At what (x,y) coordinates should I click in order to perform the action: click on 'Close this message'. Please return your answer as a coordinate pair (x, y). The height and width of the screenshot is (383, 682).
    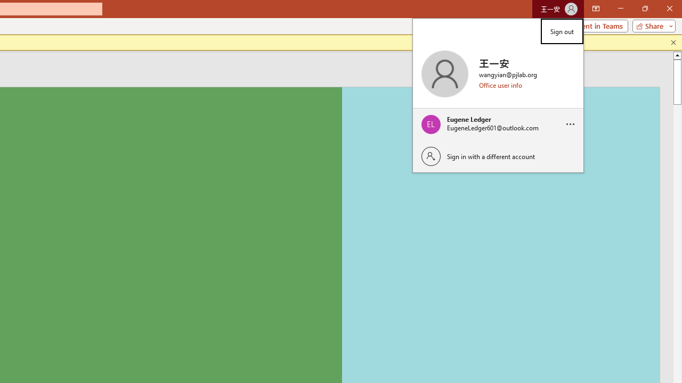
    Looking at the image, I should click on (673, 42).